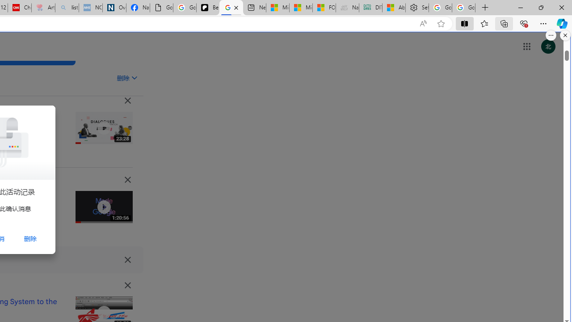 This screenshot has height=322, width=572. I want to click on 'Google Analytics Opt-out Browser Add-on Download Page', so click(161, 8).